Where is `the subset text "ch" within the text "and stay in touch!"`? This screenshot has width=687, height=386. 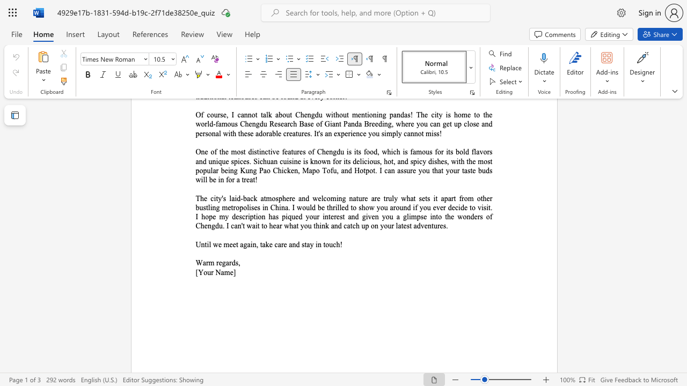
the subset text "ch" within the text "and stay in touch!" is located at coordinates (332, 244).